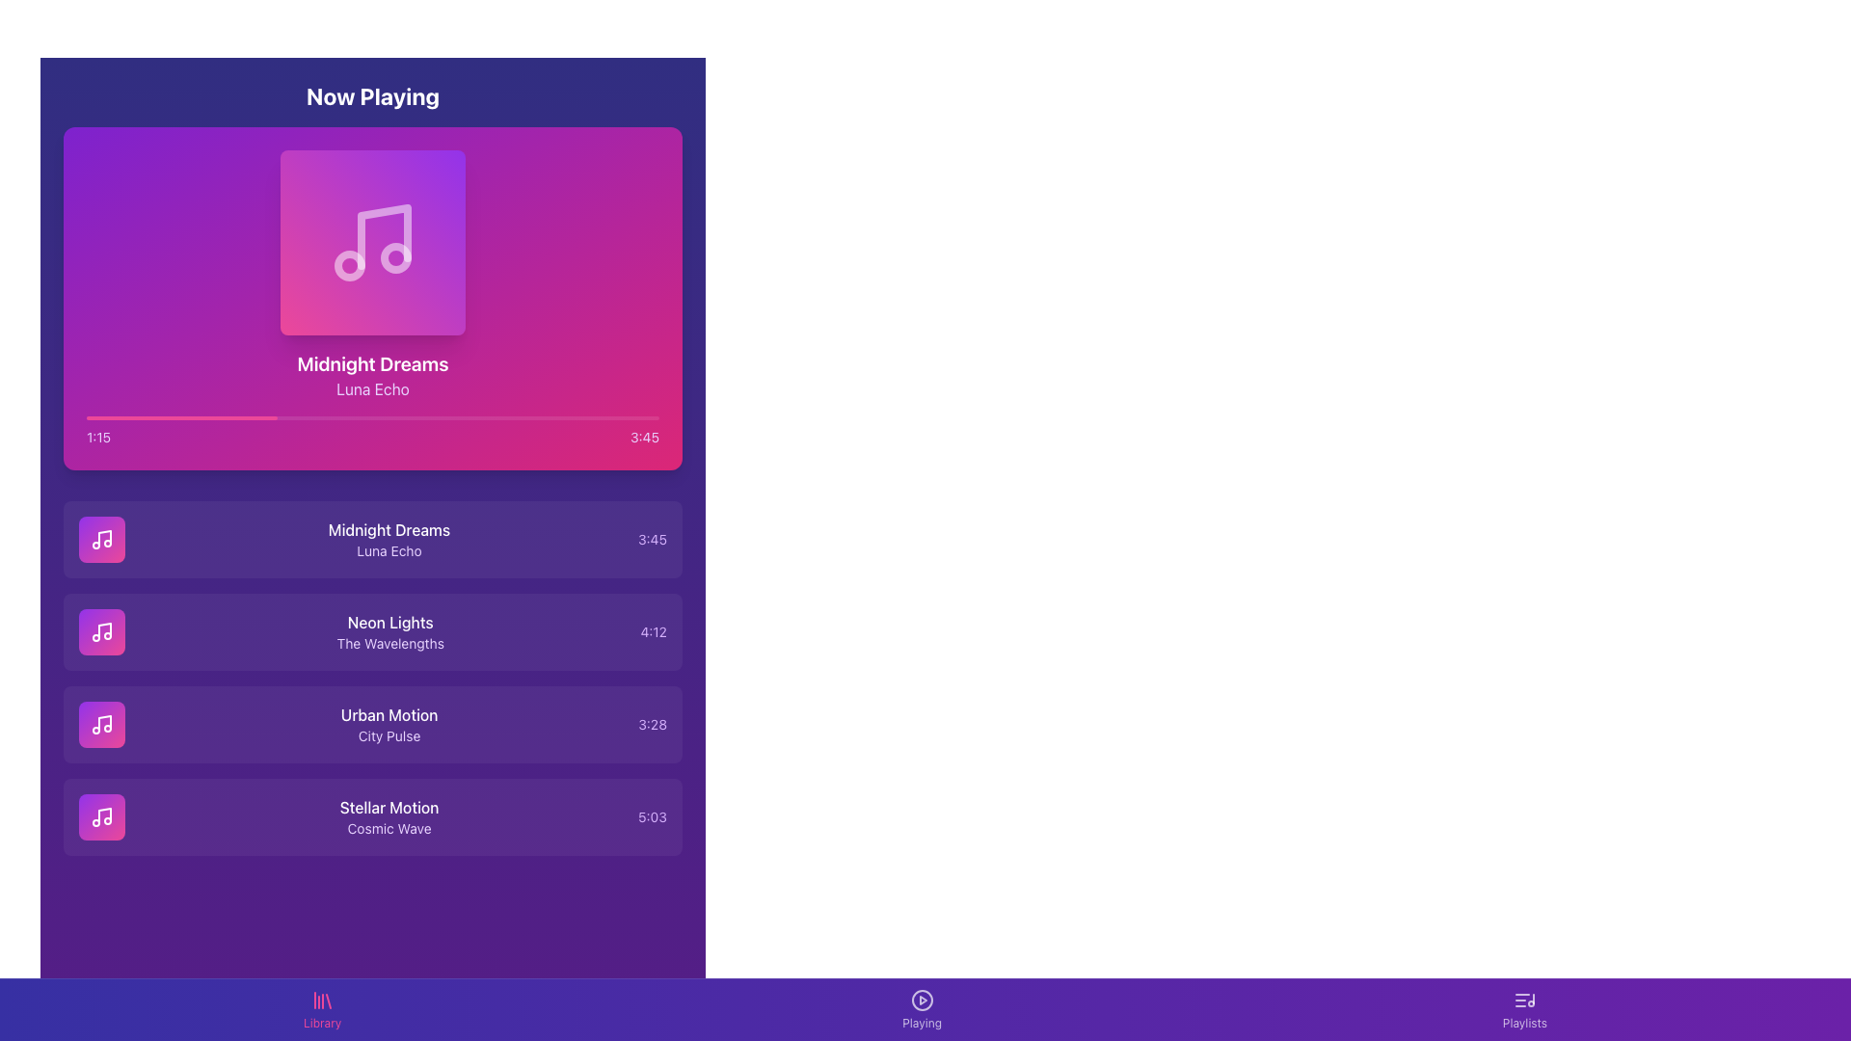 This screenshot has width=1851, height=1041. I want to click on the text block displaying the song title 'Neon Lights' by 'The Wavelengths' to highlight it, so click(389, 631).